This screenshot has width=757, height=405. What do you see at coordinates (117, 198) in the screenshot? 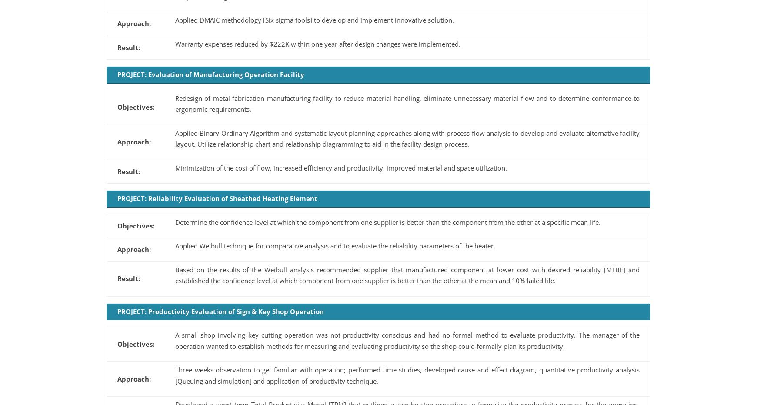
I see `'PROJECT: Reliability Evaluation of Sheathed Heating Element'` at bounding box center [117, 198].